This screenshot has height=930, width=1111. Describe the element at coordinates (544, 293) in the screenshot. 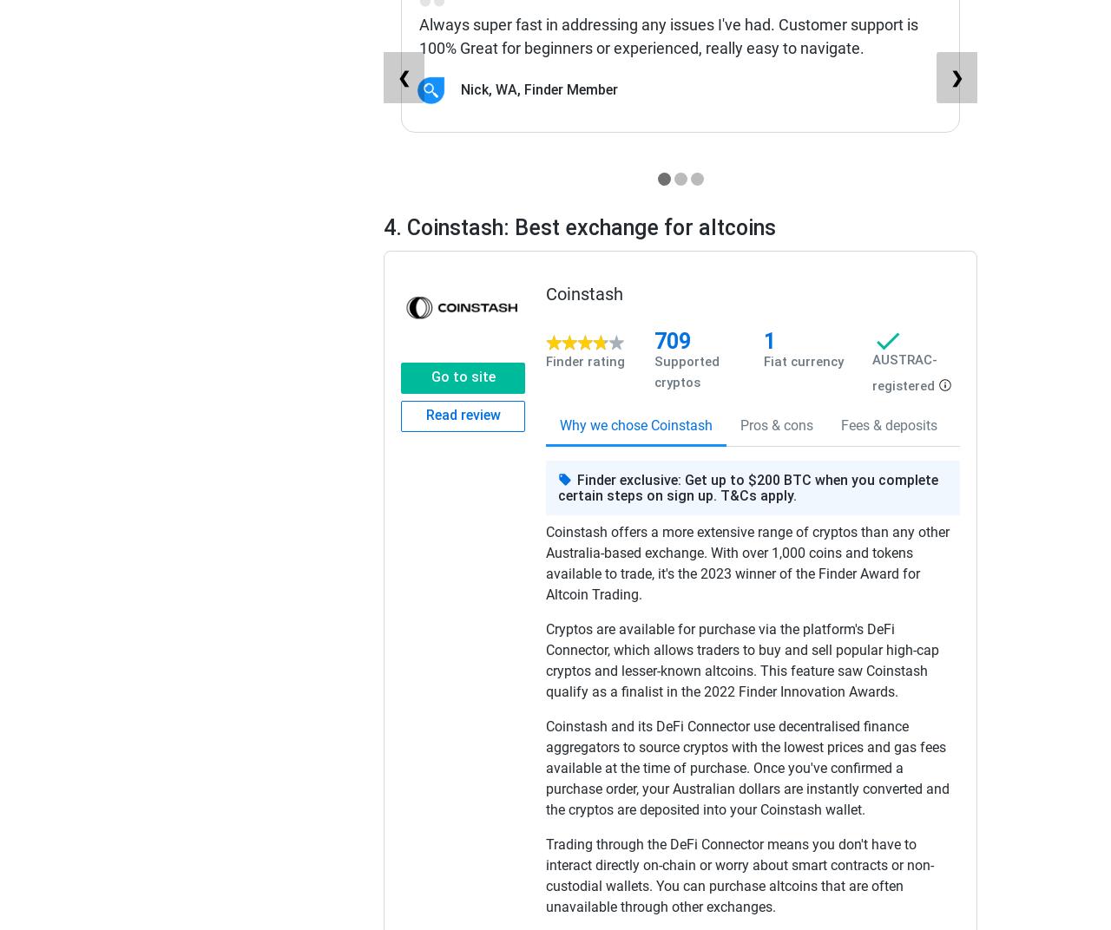

I see `'Coinstash'` at that location.